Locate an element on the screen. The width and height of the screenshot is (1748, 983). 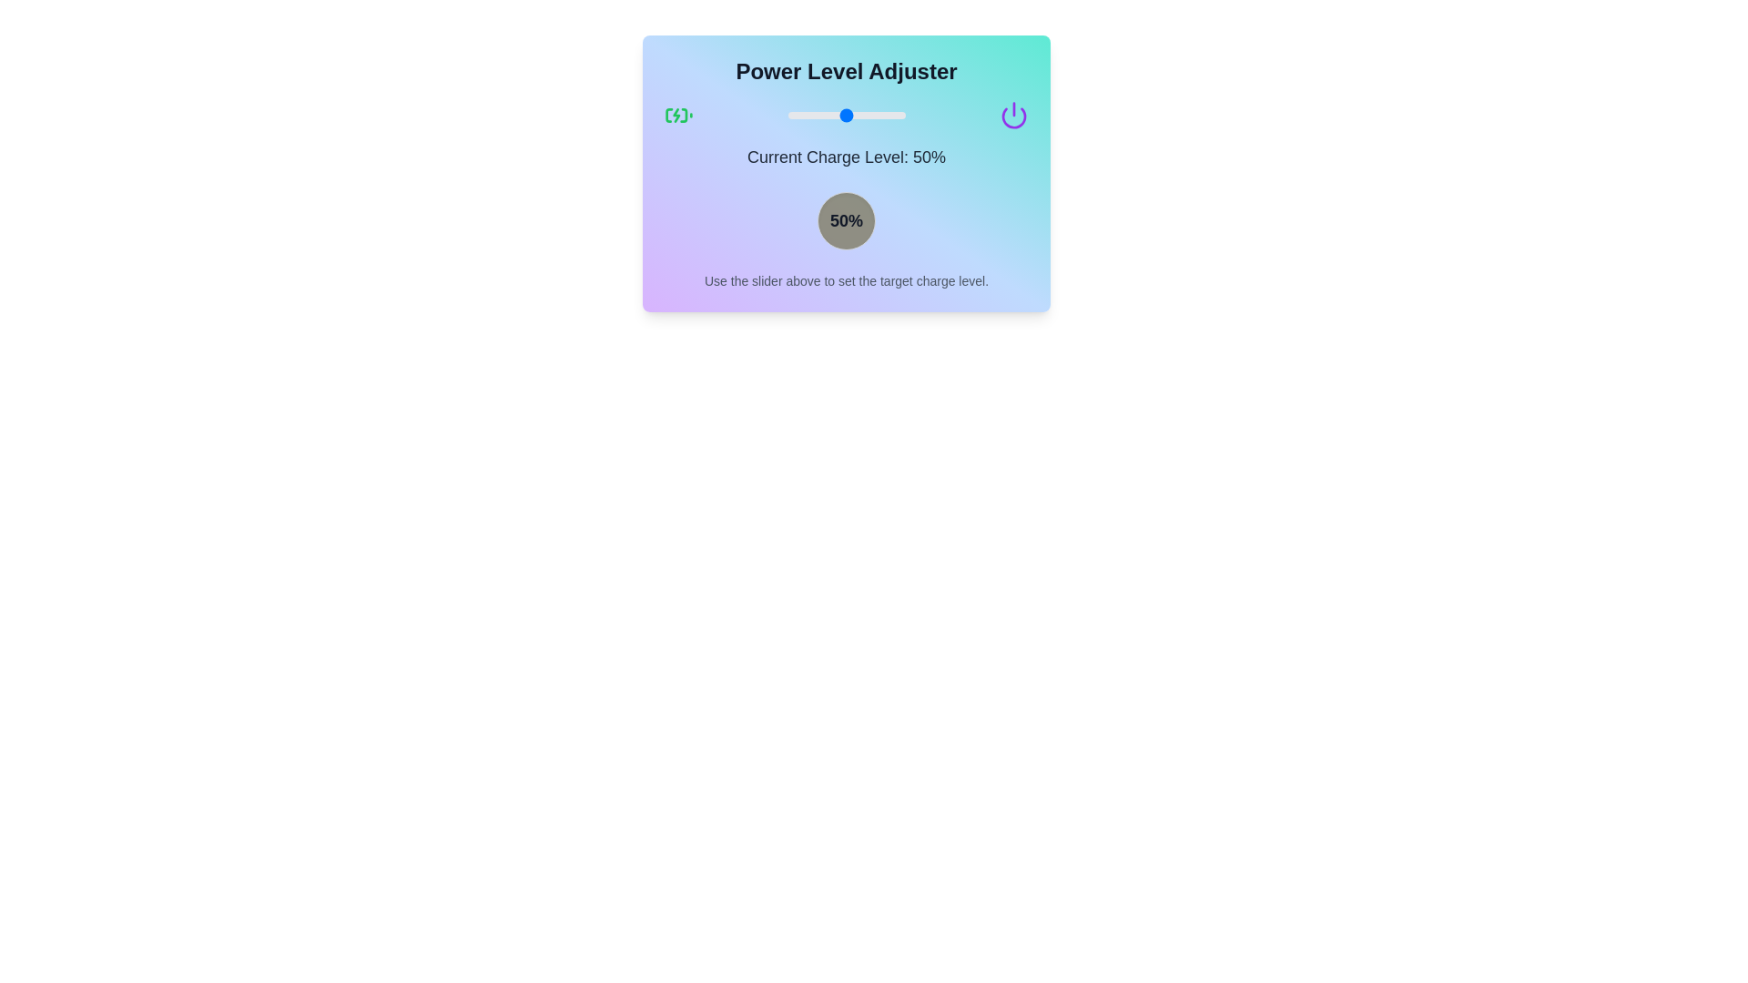
the power level is located at coordinates (902, 116).